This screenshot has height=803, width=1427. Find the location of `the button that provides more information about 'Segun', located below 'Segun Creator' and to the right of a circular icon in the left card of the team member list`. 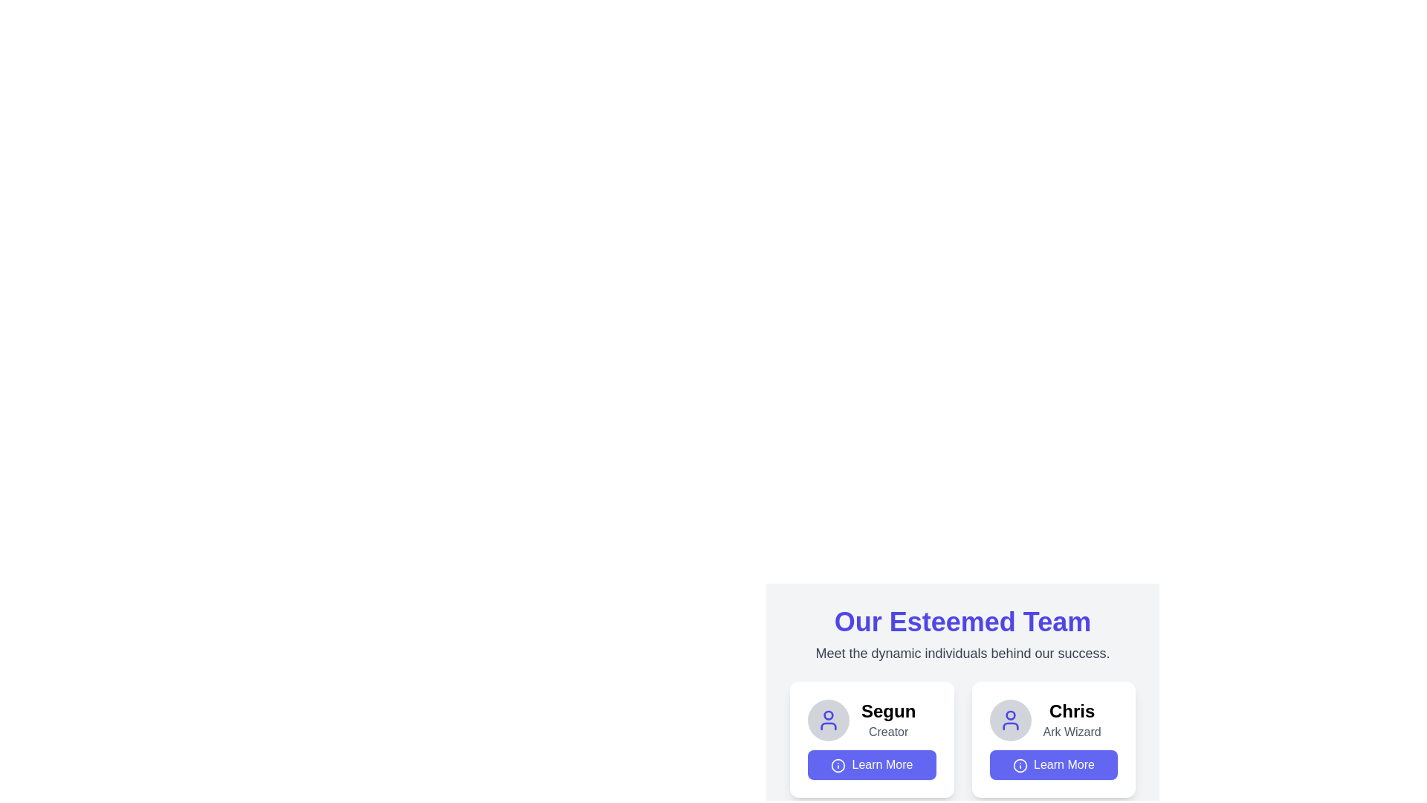

the button that provides more information about 'Segun', located below 'Segun Creator' and to the right of a circular icon in the left card of the team member list is located at coordinates (872, 765).